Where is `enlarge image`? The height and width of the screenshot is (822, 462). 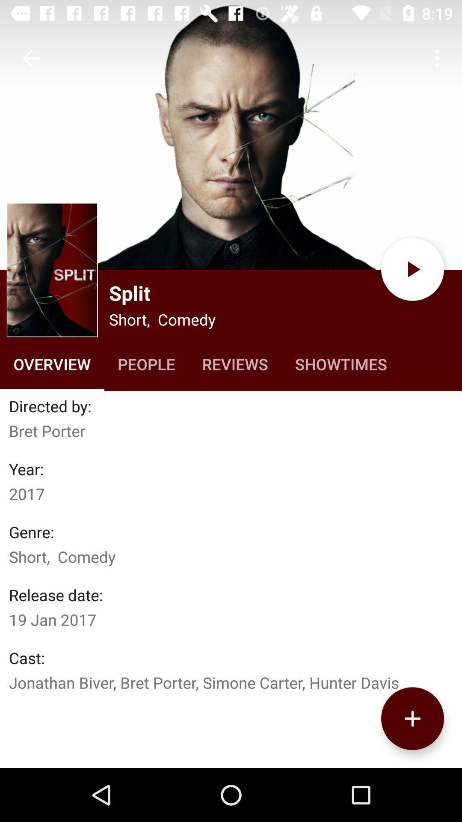
enlarge image is located at coordinates (52, 269).